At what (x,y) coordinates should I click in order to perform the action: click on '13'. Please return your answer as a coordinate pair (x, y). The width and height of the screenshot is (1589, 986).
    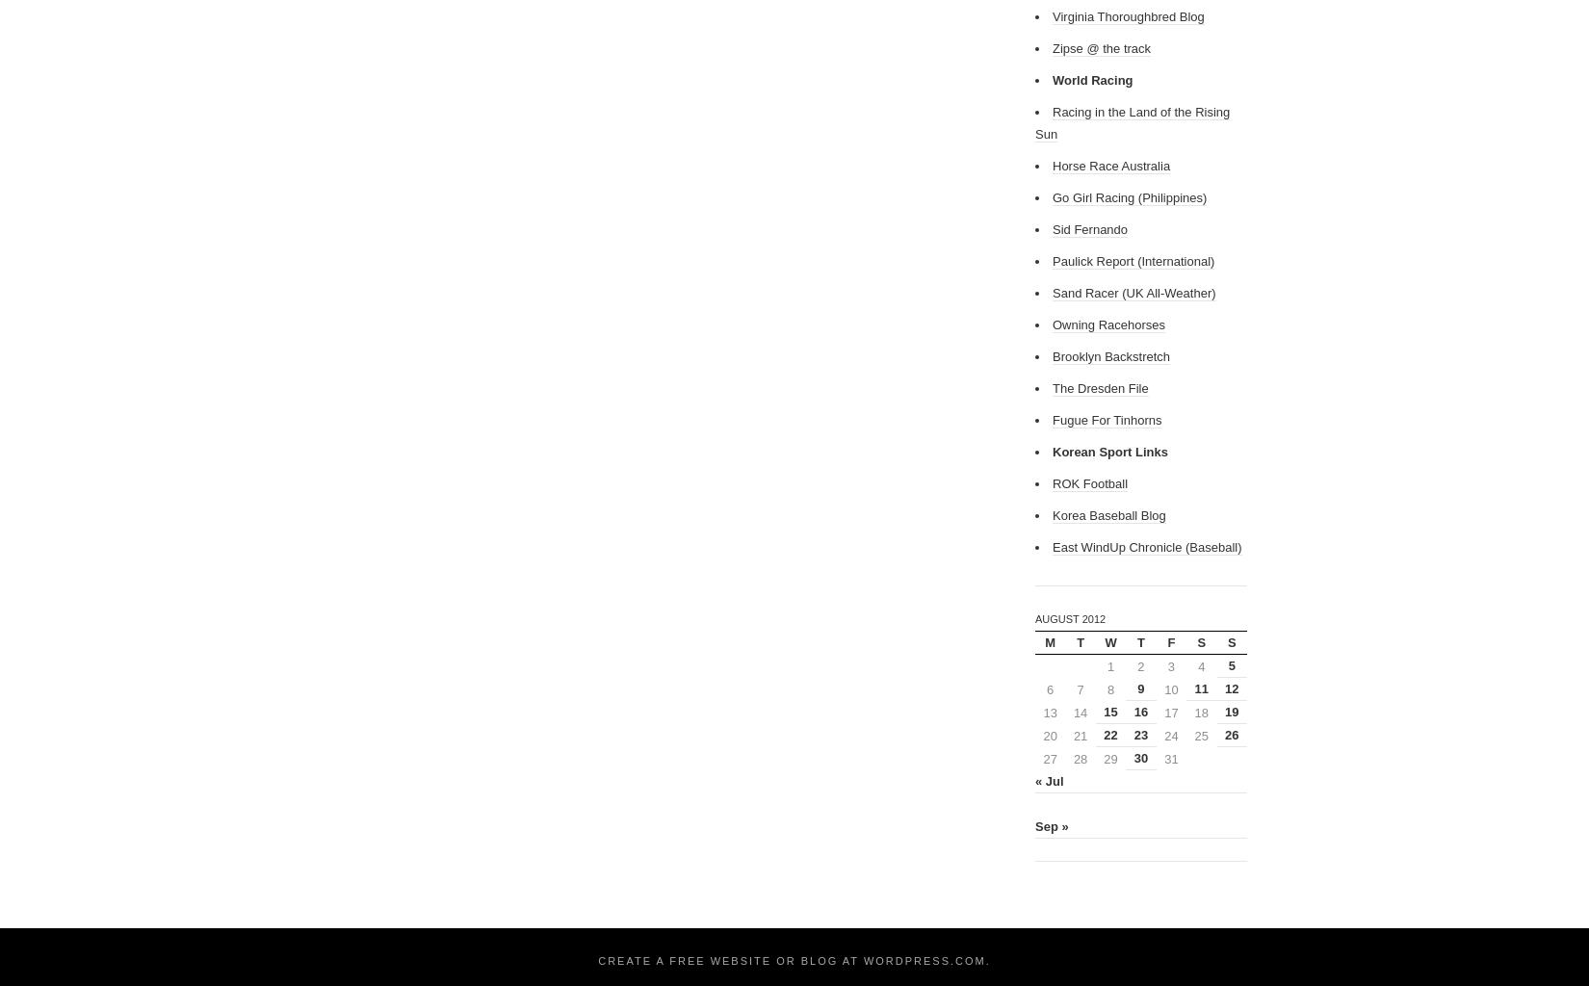
    Looking at the image, I should click on (1043, 711).